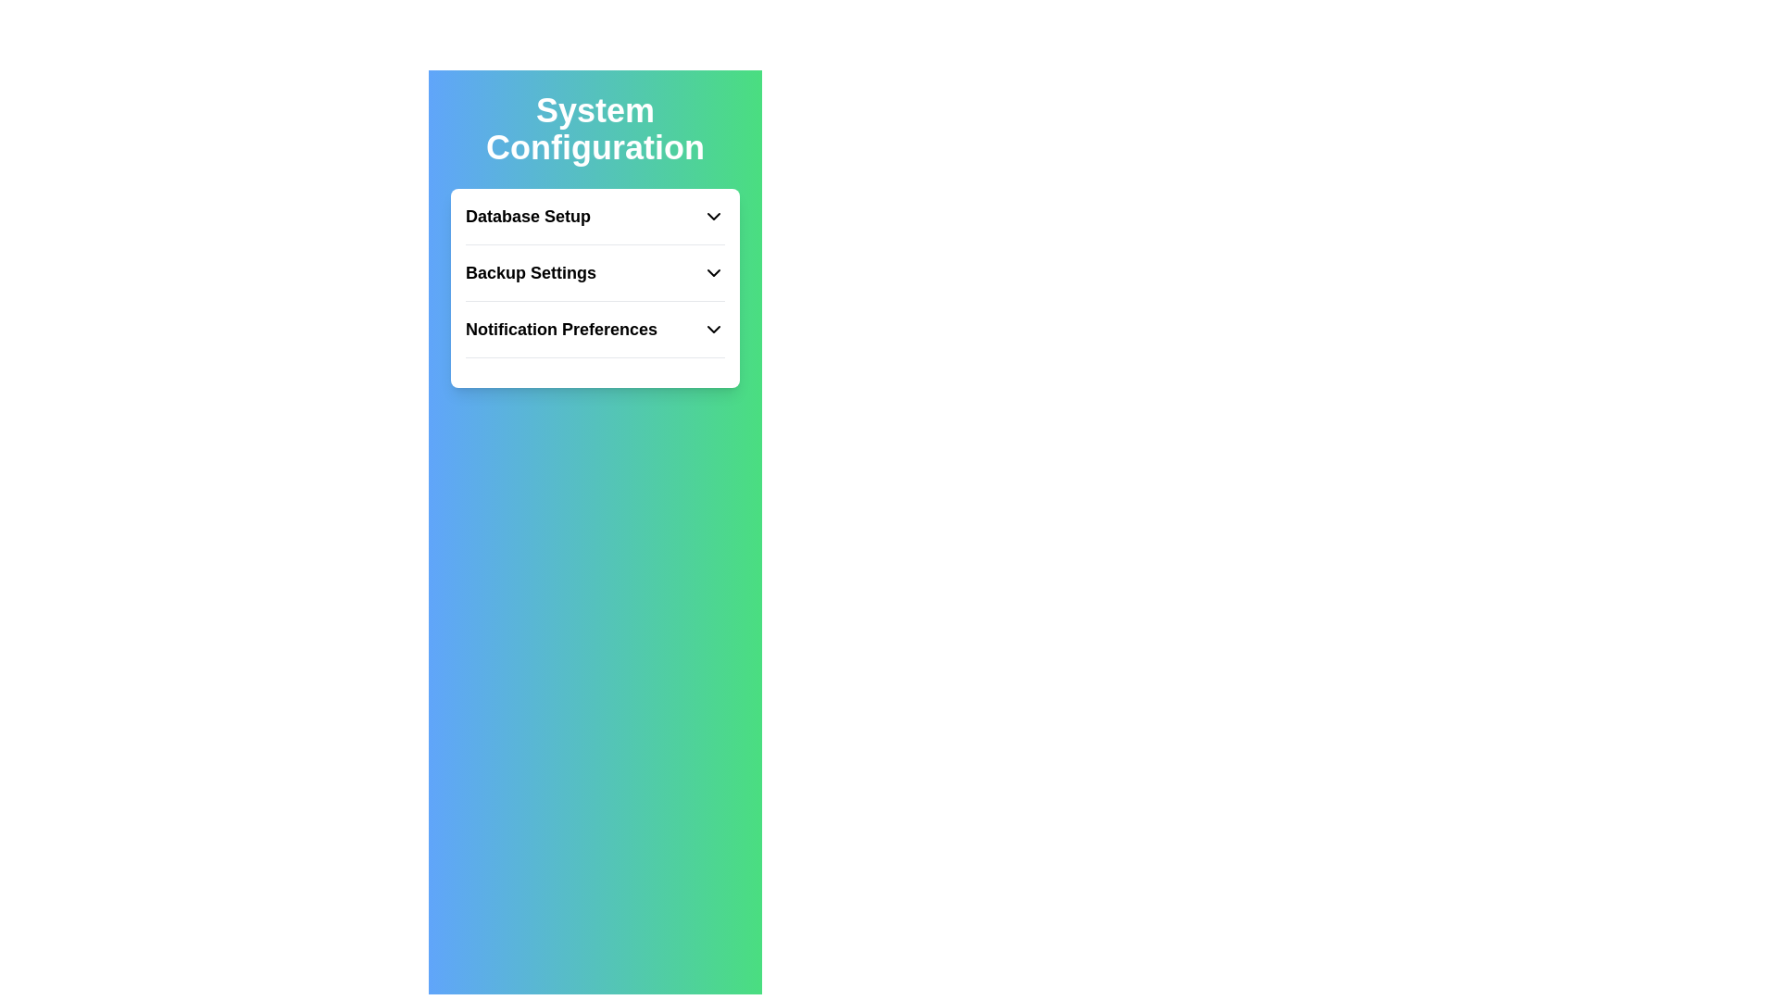 This screenshot has height=1000, width=1778. Describe the element at coordinates (713, 328) in the screenshot. I see `the chevron-down icon at the far-right side of the 'Notification Preferences' row` at that location.